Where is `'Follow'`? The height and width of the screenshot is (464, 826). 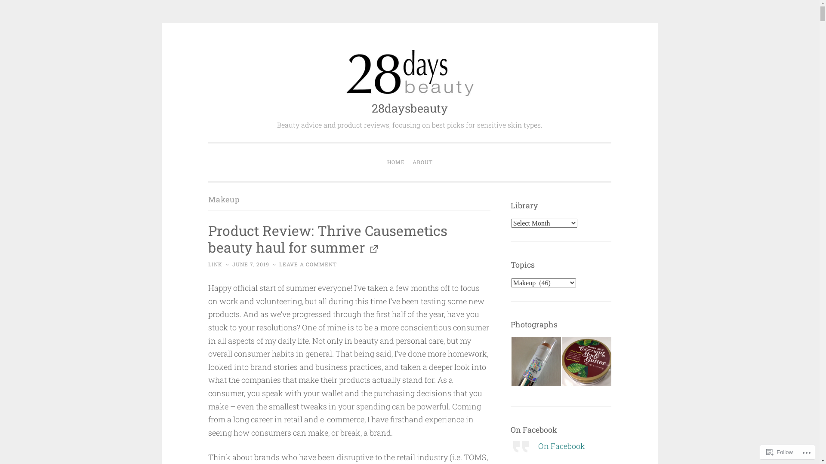
'Follow' is located at coordinates (780, 452).